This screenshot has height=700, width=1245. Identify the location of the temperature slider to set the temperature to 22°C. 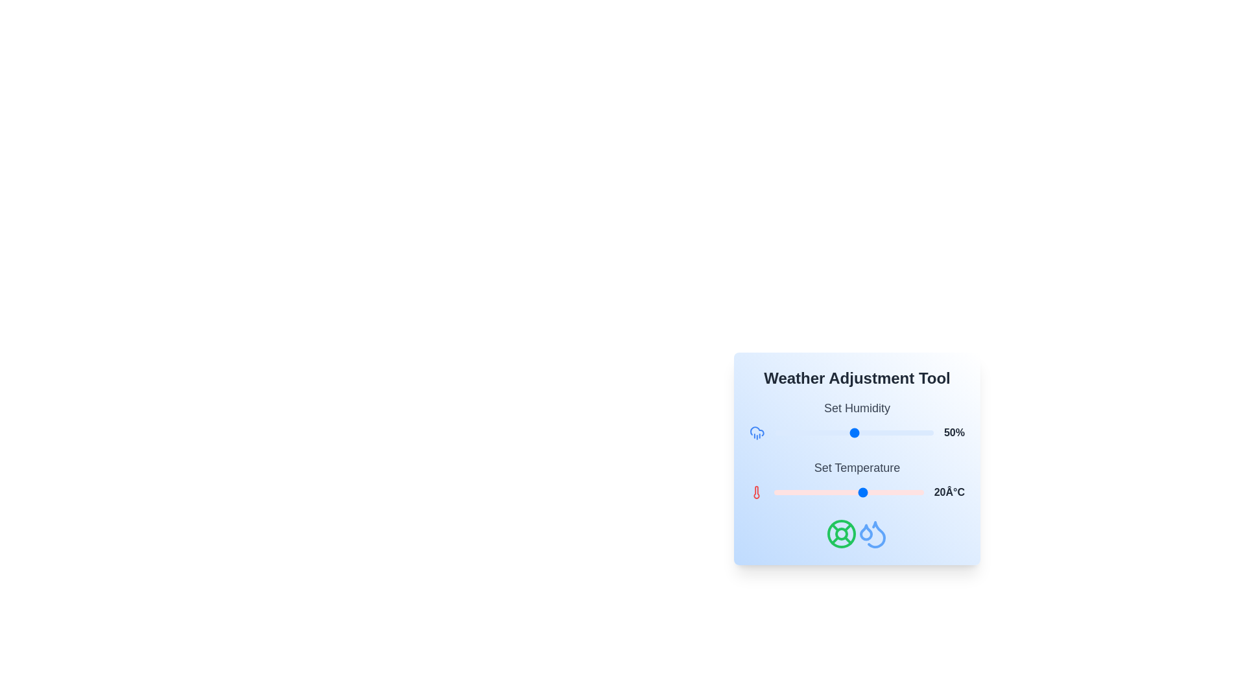
(870, 492).